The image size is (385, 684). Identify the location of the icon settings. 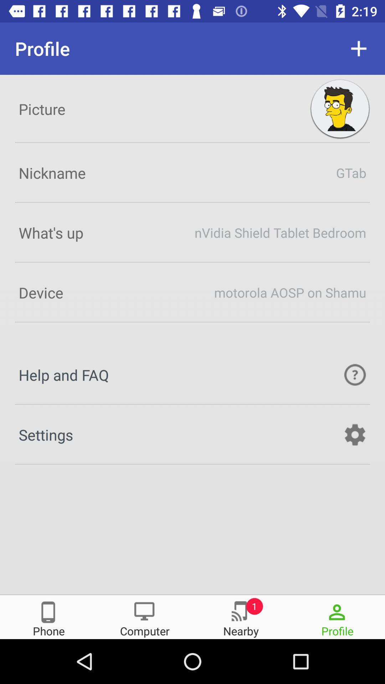
(192, 434).